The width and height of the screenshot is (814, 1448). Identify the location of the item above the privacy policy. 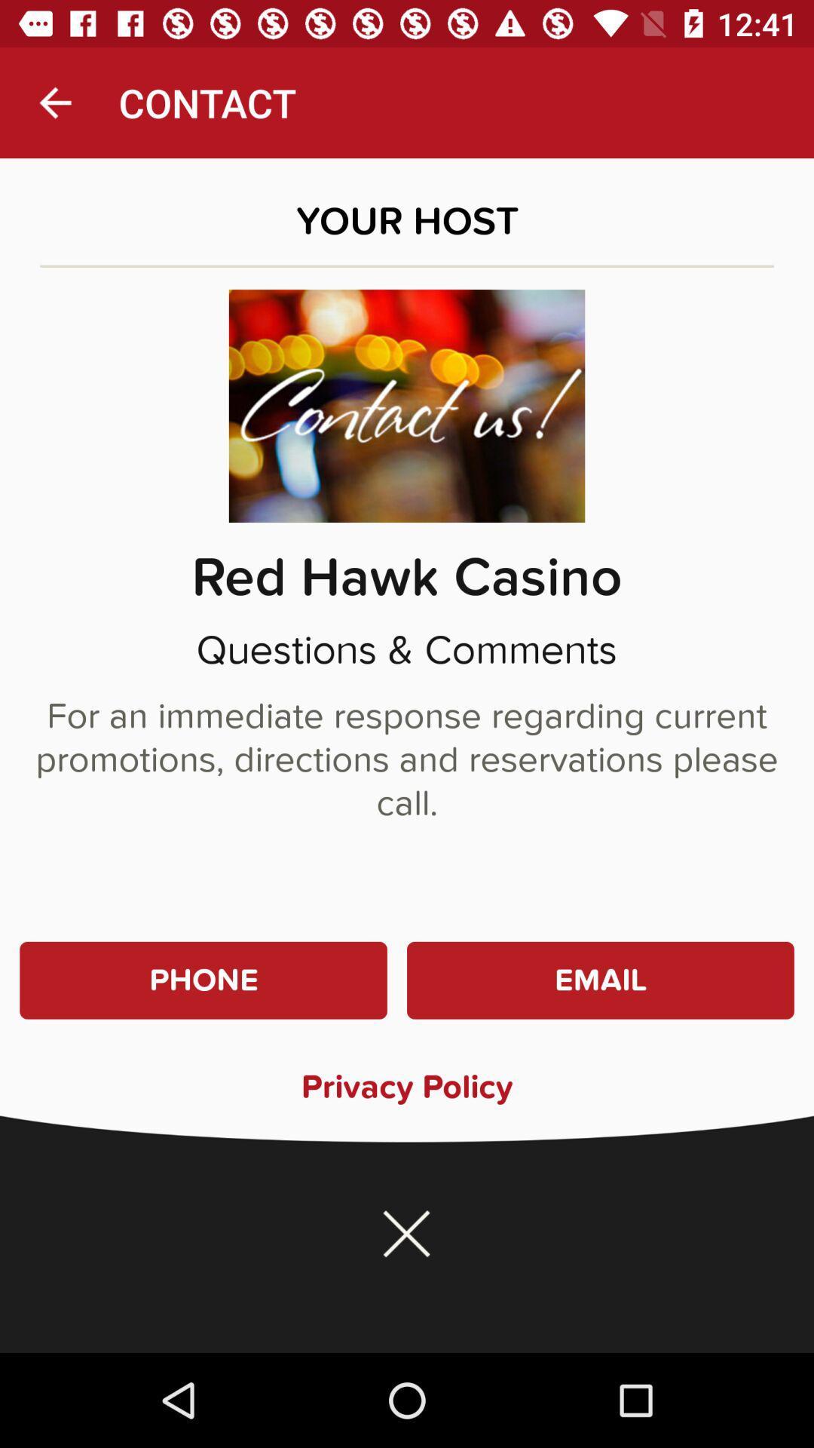
(599, 980).